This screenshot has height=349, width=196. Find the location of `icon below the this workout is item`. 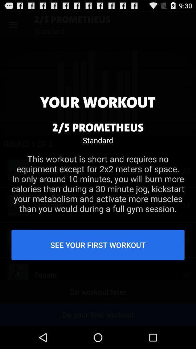

icon below the this workout is item is located at coordinates (98, 245).